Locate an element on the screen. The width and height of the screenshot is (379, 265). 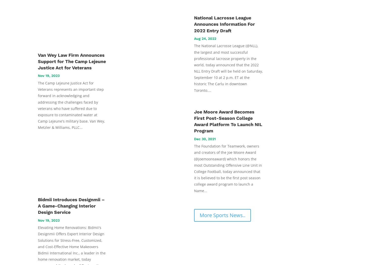
'Dec 30, 2021' is located at coordinates (205, 138).